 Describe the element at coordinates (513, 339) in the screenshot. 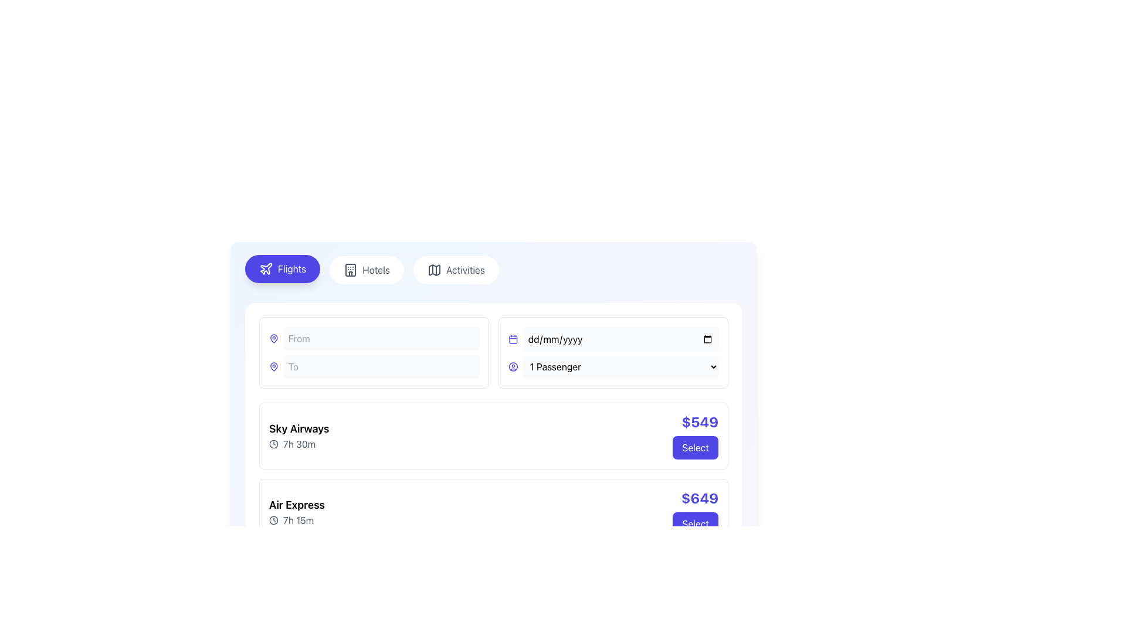

I see `the graphical sub-element of the calendar icon located to the right of the 'dd/mm/yyyy' input field` at that location.